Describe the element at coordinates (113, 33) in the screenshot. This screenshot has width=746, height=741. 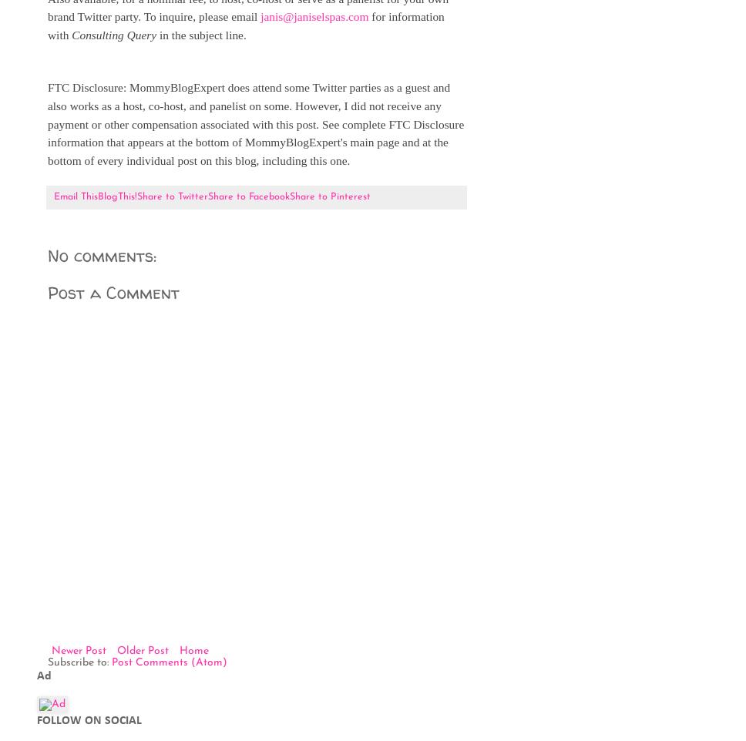
I see `'Consulting Query'` at that location.